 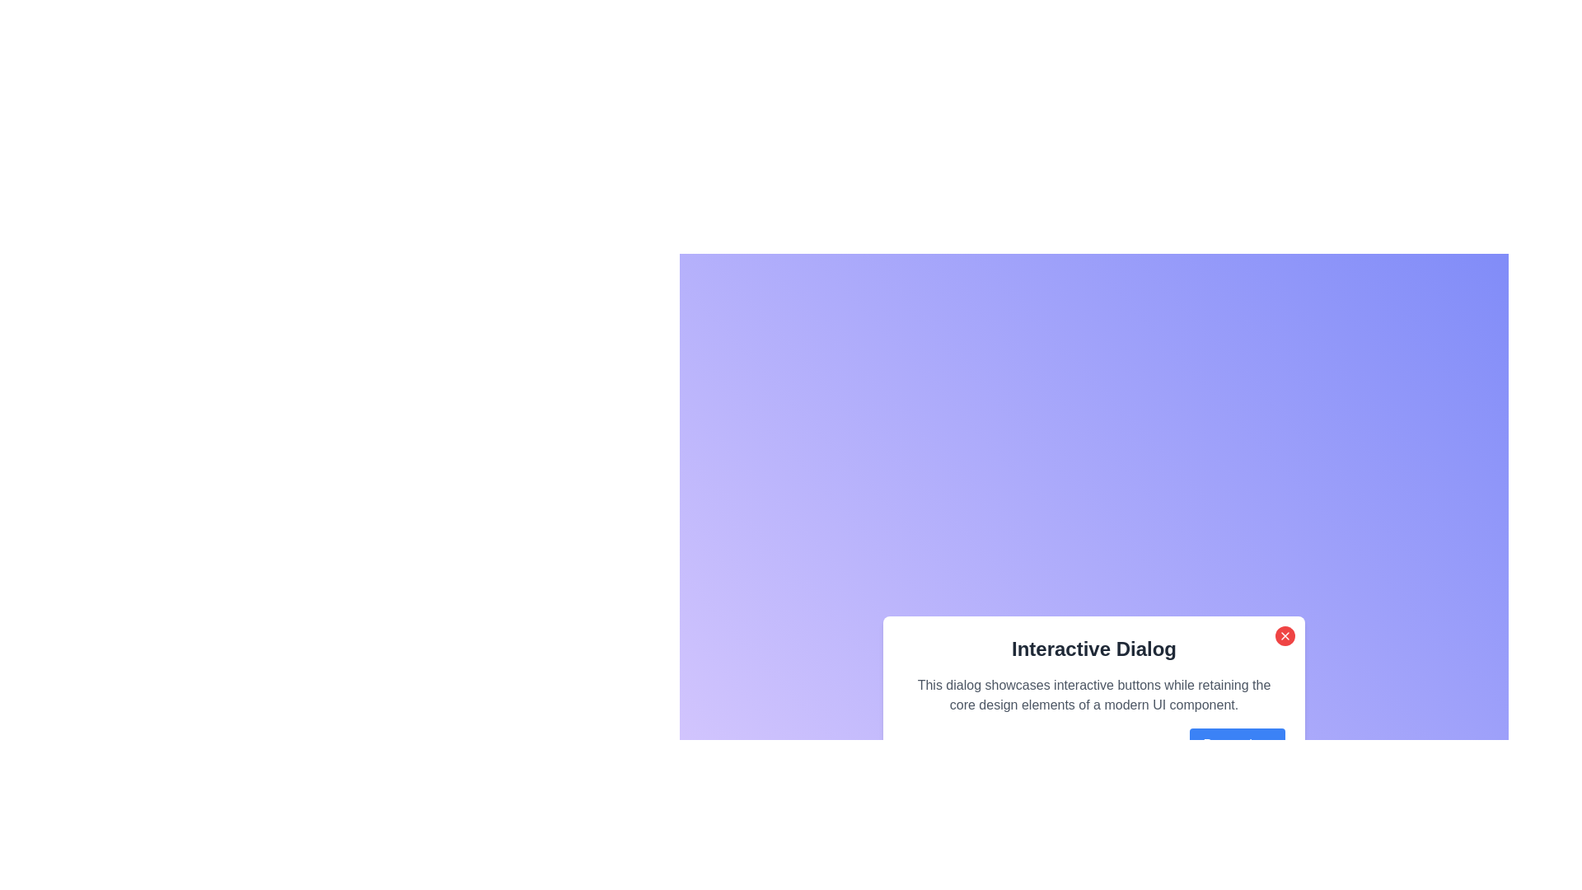 I want to click on the Text block that provides context and explanatory information about the dialog's features, located centrally within the interface dialog box, so click(x=1094, y=696).